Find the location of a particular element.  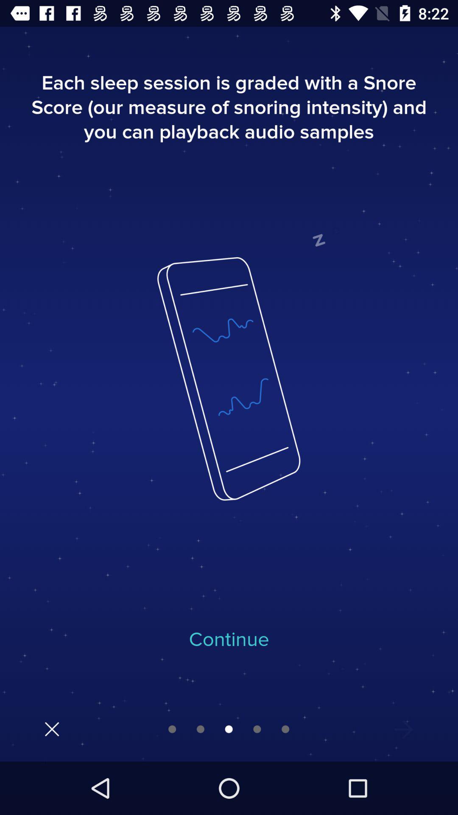

cross button is located at coordinates (52, 728).